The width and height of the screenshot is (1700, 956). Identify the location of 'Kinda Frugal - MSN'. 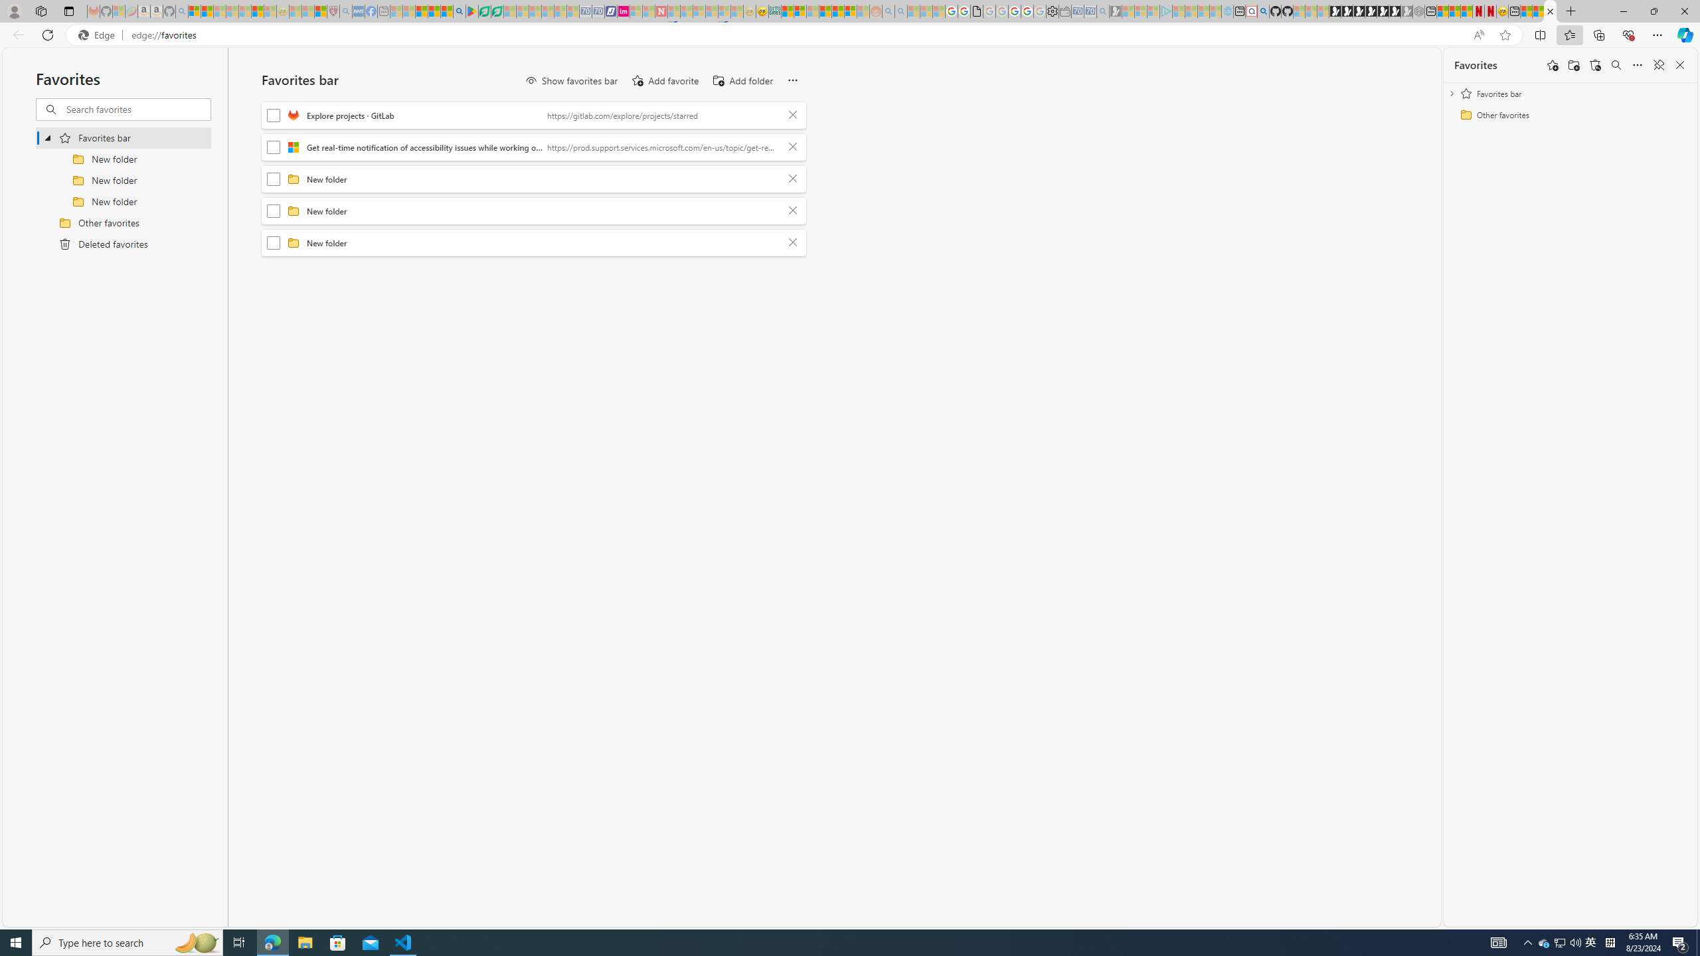
(837, 11).